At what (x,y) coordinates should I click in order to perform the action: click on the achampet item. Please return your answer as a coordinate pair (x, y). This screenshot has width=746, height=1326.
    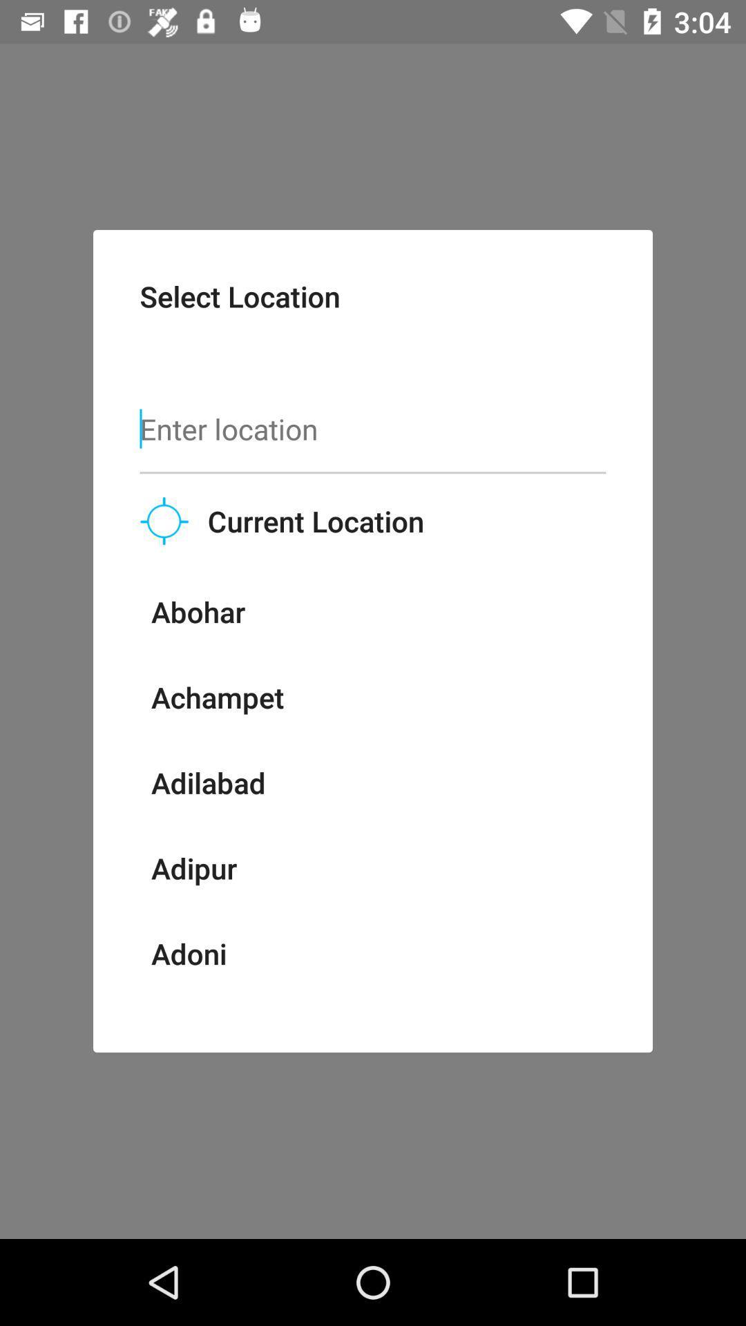
    Looking at the image, I should click on (218, 697).